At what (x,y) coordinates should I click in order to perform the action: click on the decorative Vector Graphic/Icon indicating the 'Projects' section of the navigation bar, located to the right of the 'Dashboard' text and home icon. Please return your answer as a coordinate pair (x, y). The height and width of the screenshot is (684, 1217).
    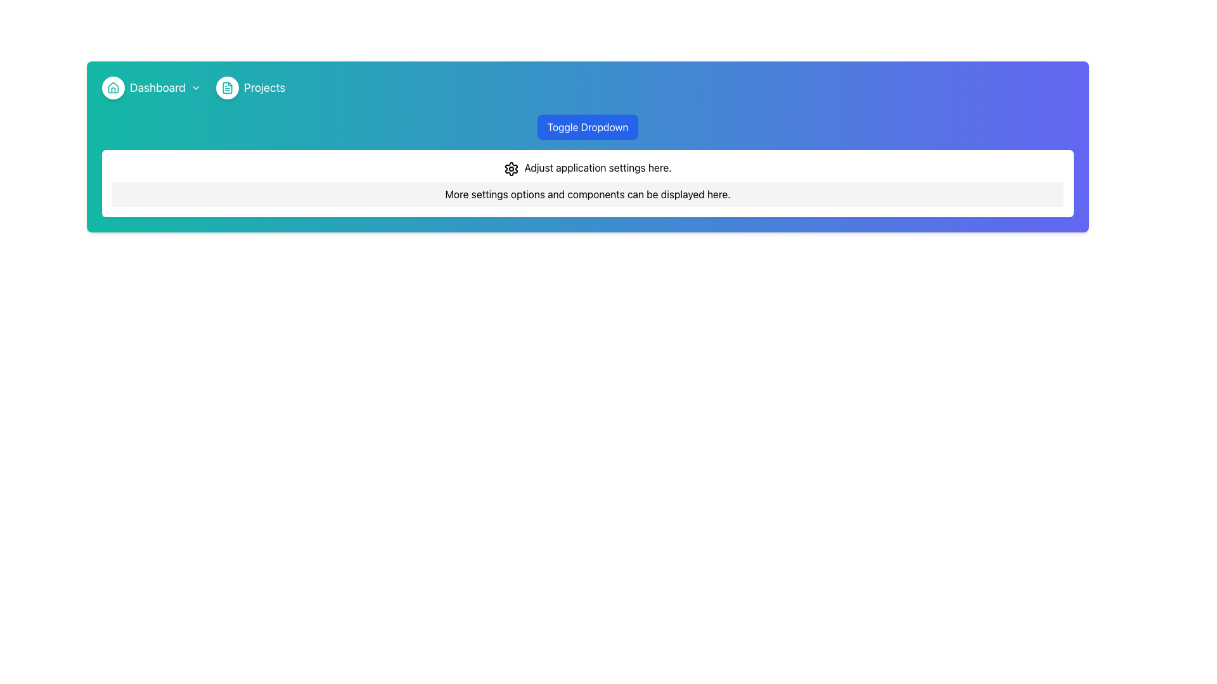
    Looking at the image, I should click on (227, 87).